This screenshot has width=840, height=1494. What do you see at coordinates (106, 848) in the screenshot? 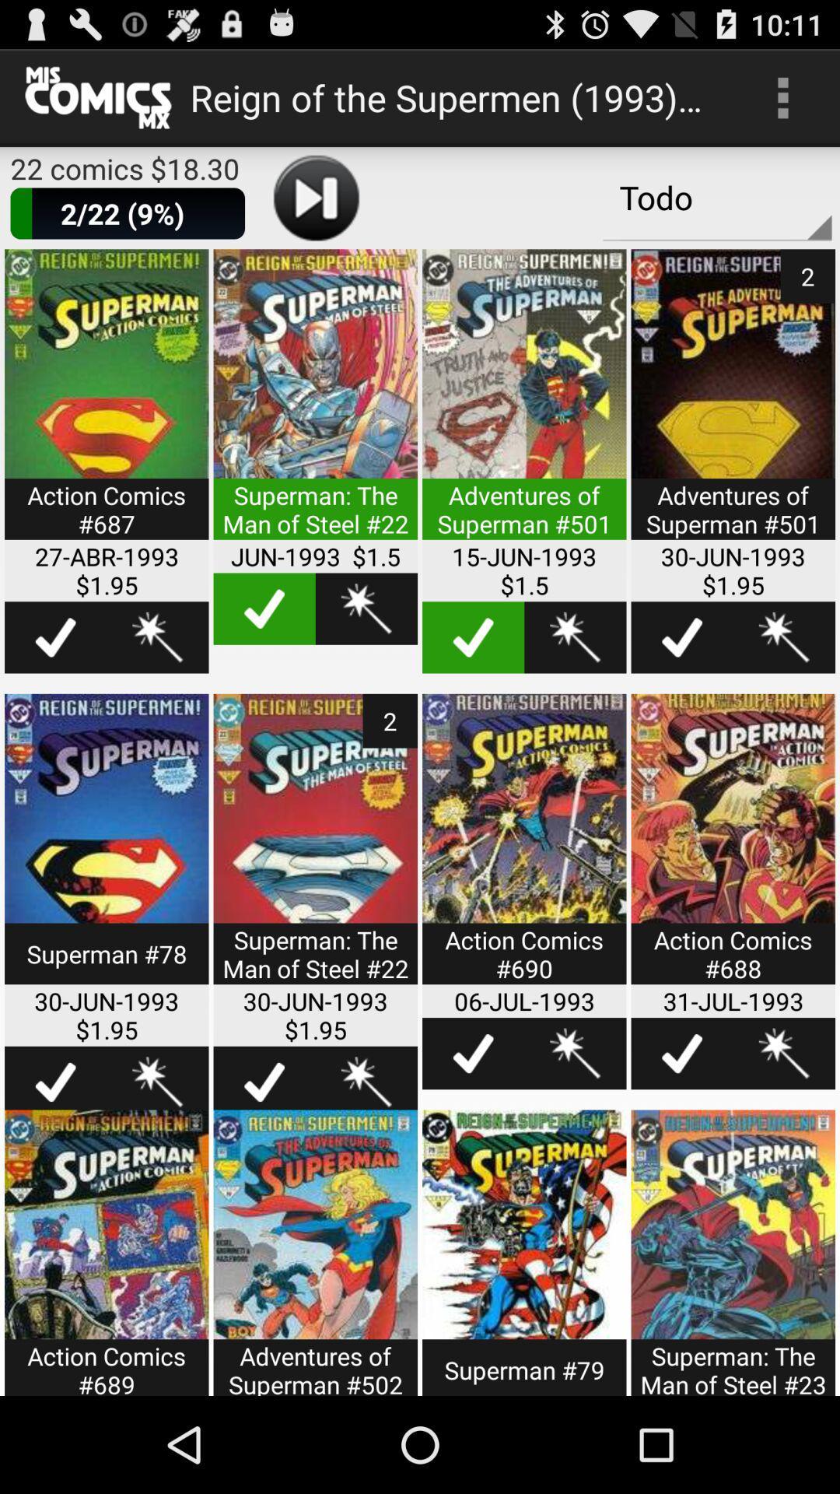
I see `more options` at bounding box center [106, 848].